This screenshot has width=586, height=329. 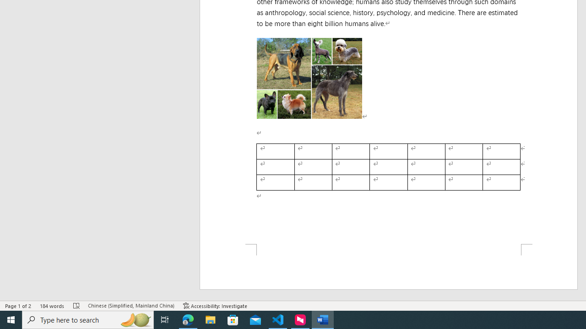 I want to click on 'Morphological variation in six dogs', so click(x=309, y=78).